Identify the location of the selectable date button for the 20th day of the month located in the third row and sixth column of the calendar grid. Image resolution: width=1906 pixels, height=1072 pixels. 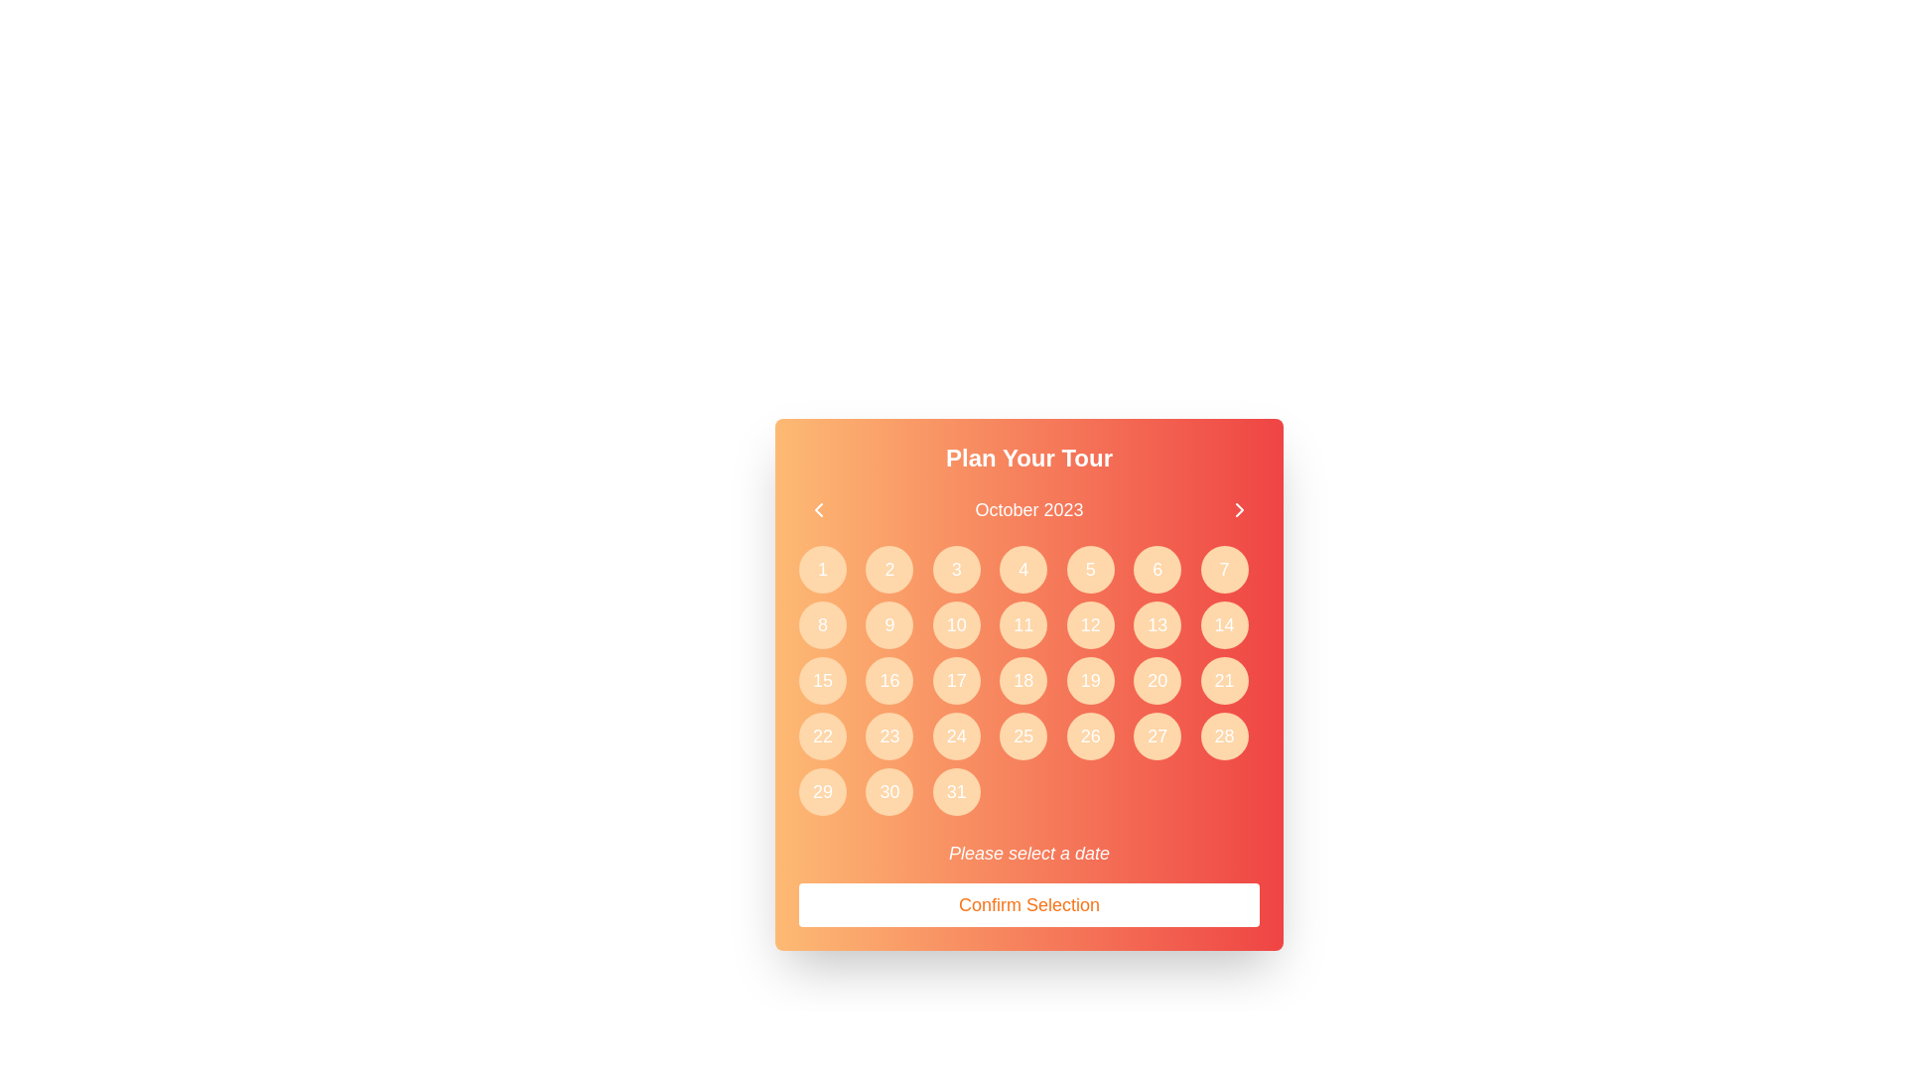
(1157, 680).